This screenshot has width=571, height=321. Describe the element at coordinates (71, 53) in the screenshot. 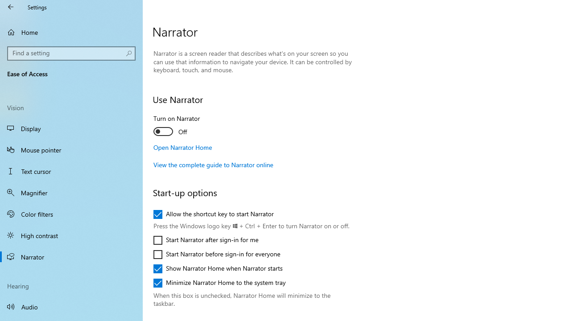

I see `'Search box, Find a setting'` at that location.